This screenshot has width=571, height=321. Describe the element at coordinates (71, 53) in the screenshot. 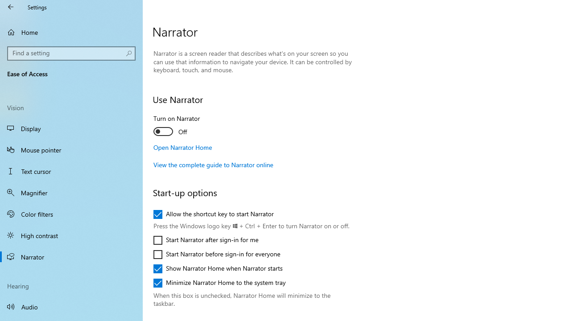

I see `'Search box, Find a setting'` at that location.